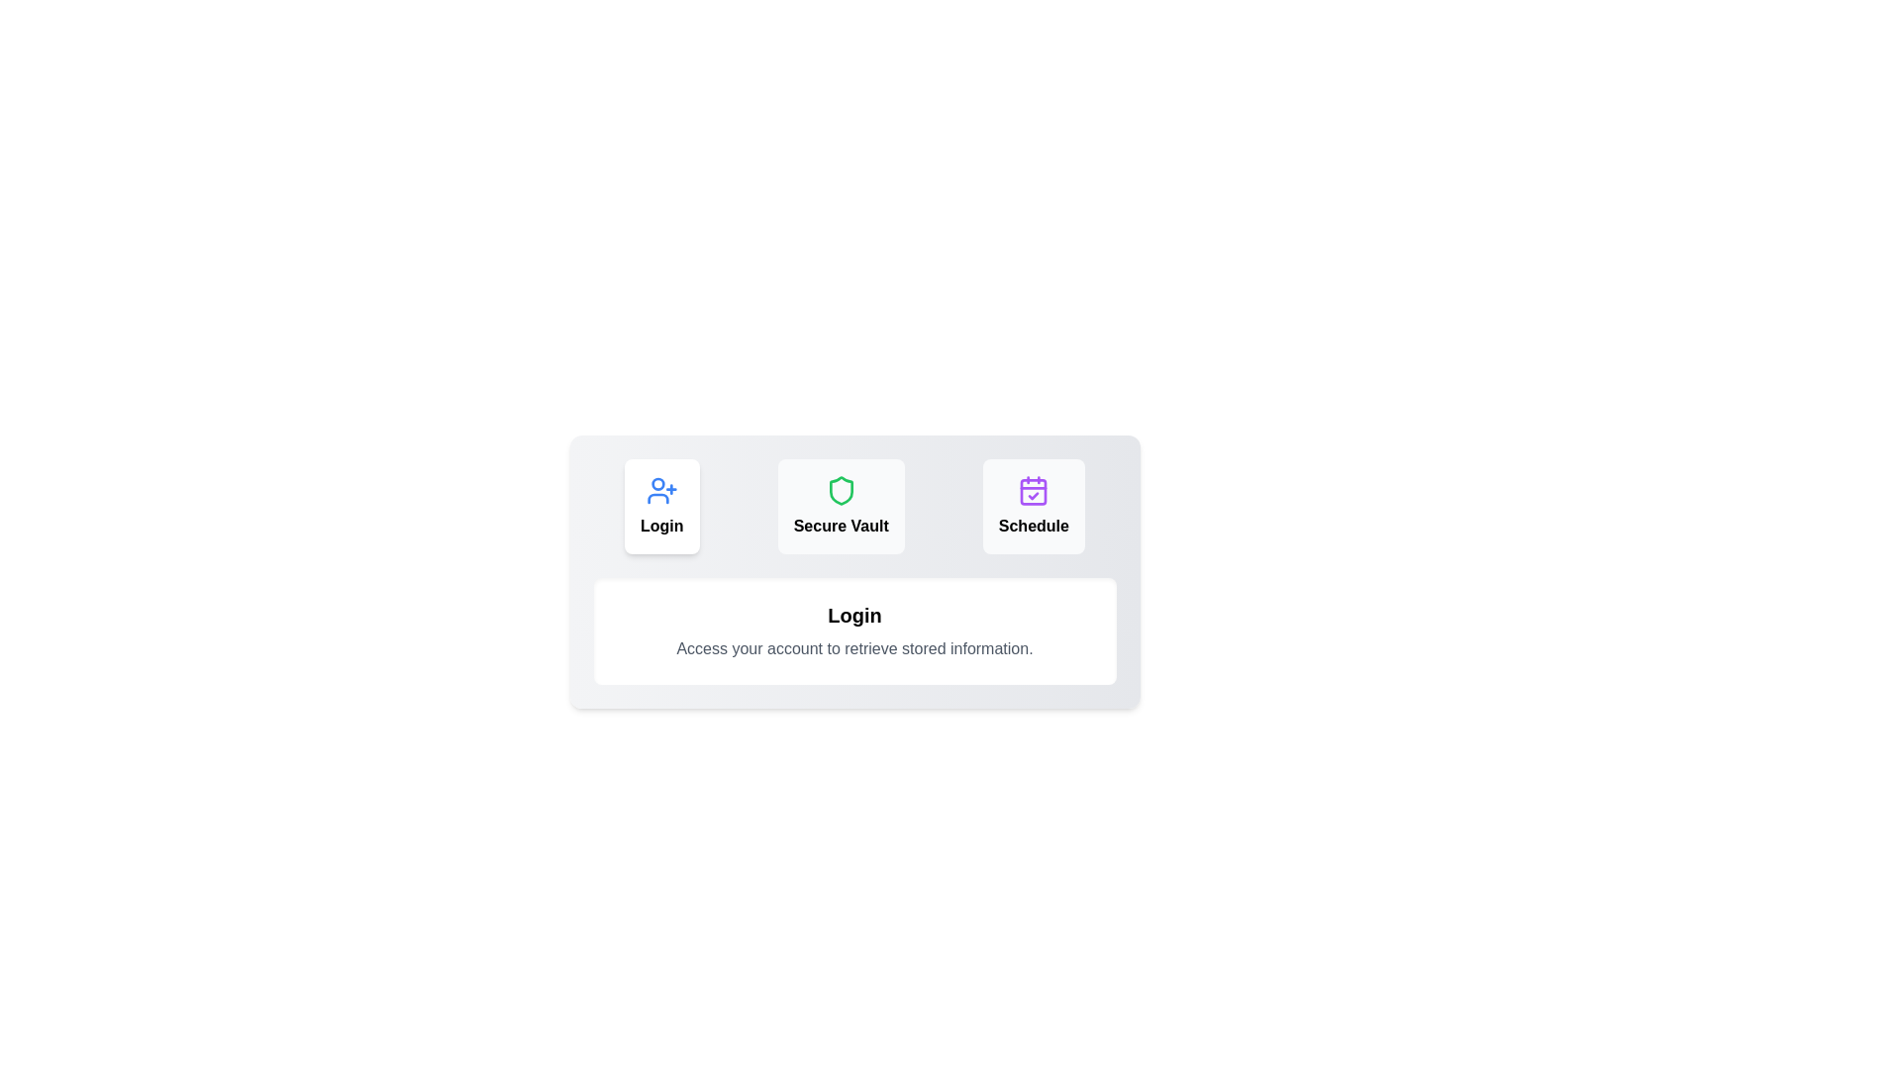  What do you see at coordinates (1033, 506) in the screenshot?
I see `the Schedule tab to view its content` at bounding box center [1033, 506].